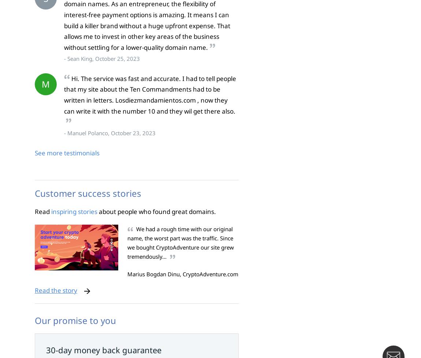 This screenshot has height=358, width=421. What do you see at coordinates (55, 290) in the screenshot?
I see `'Read the story'` at bounding box center [55, 290].